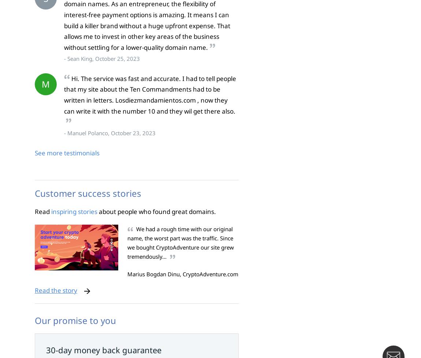 This screenshot has height=358, width=421. What do you see at coordinates (55, 290) in the screenshot?
I see `'Read the story'` at bounding box center [55, 290].